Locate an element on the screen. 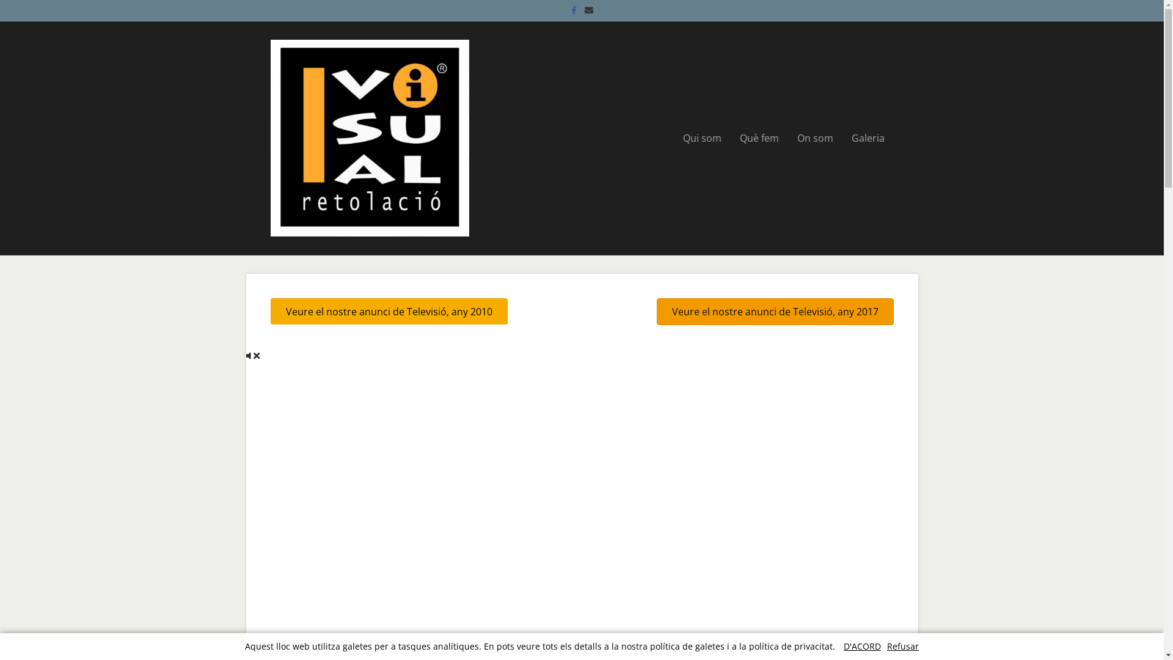 The image size is (1173, 660). 'Email' is located at coordinates (589, 9).